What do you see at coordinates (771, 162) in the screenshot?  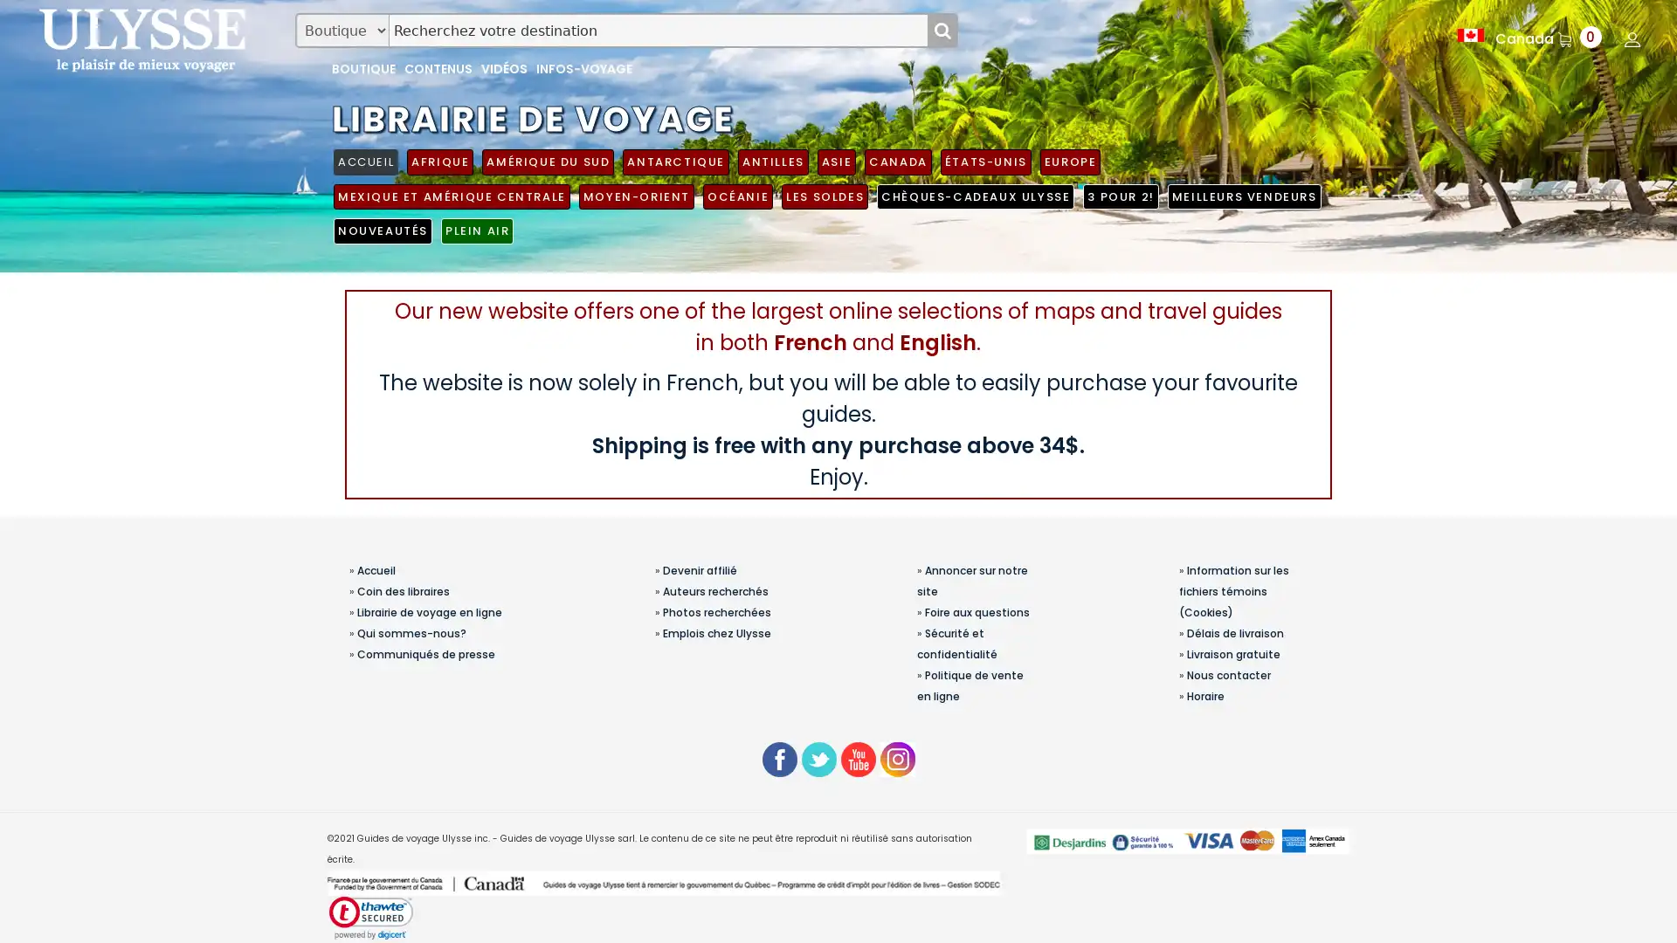 I see `ANTILLES` at bounding box center [771, 162].